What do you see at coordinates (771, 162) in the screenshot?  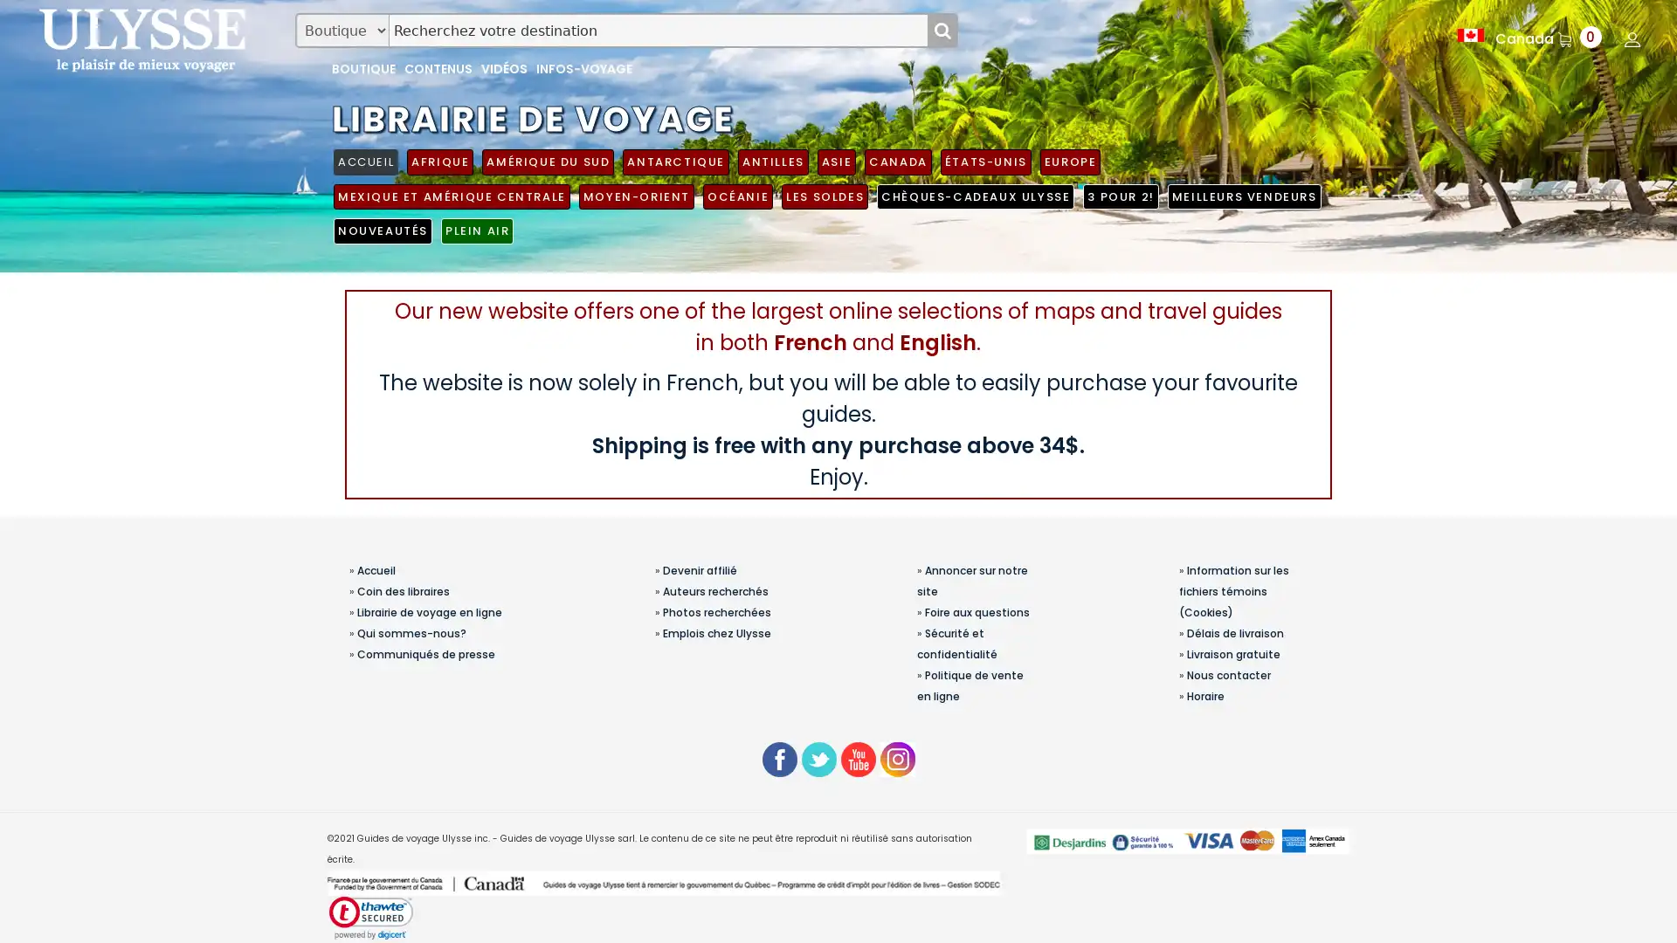 I see `ANTILLES` at bounding box center [771, 162].